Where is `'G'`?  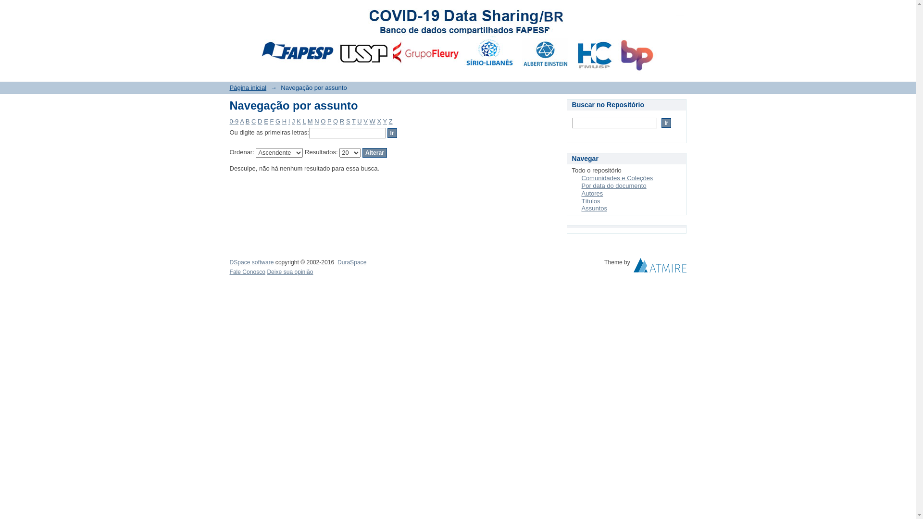
'G' is located at coordinates (274, 121).